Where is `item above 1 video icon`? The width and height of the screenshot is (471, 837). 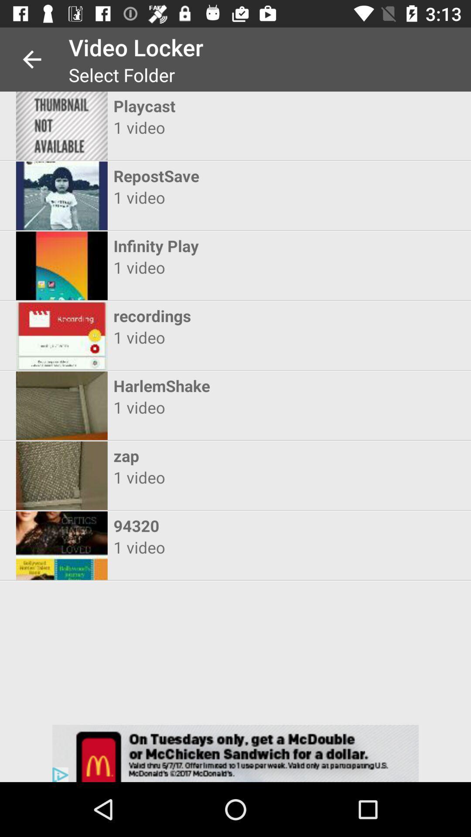
item above 1 video icon is located at coordinates (227, 385).